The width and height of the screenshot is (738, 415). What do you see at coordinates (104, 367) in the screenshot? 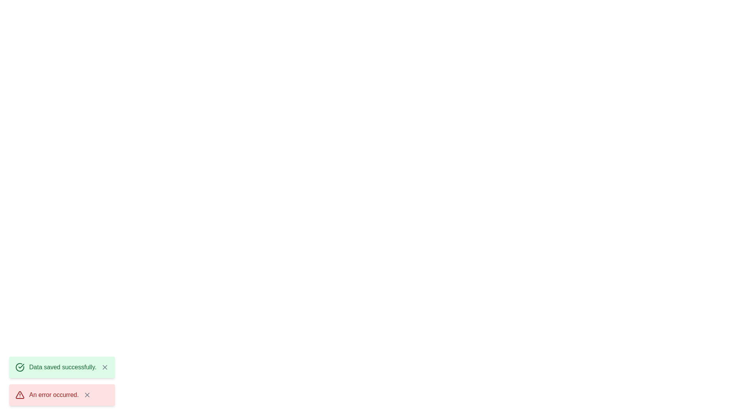
I see `the close button of the snackbar with message 'Data saved successfully.' to dismiss it` at bounding box center [104, 367].